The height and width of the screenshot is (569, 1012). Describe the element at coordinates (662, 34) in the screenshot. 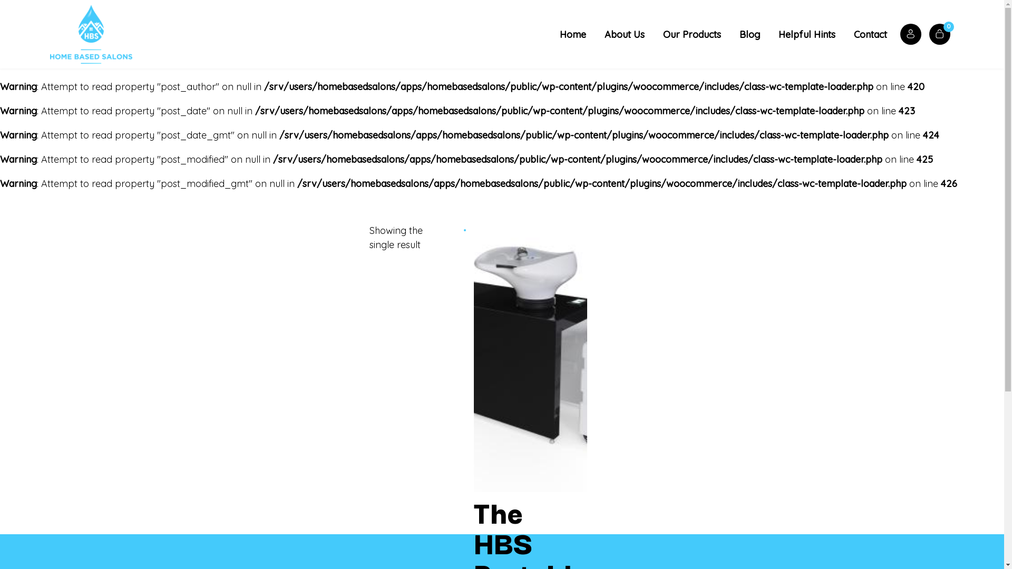

I see `'Our Products'` at that location.